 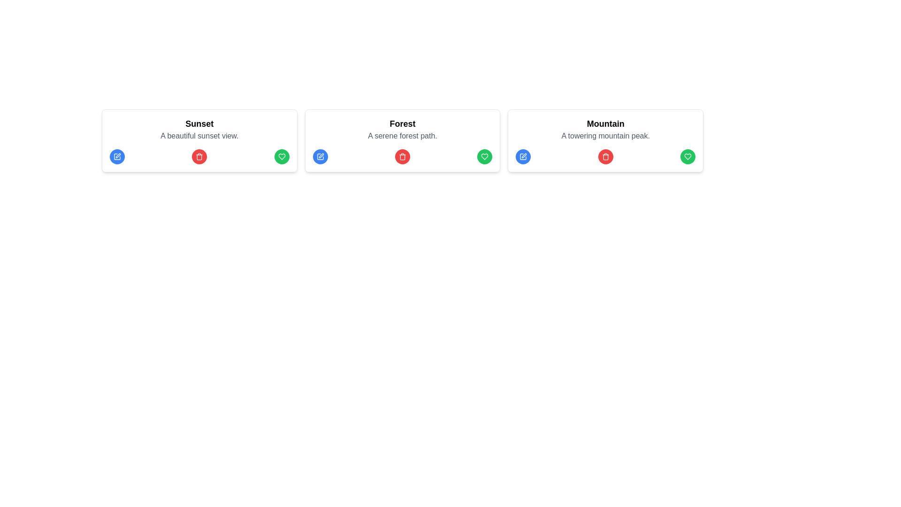 I want to click on the blue circular icon representing the editing functionality associated with the 'Sunset' content card, which is the leftmost icon in the icon set, so click(x=116, y=156).